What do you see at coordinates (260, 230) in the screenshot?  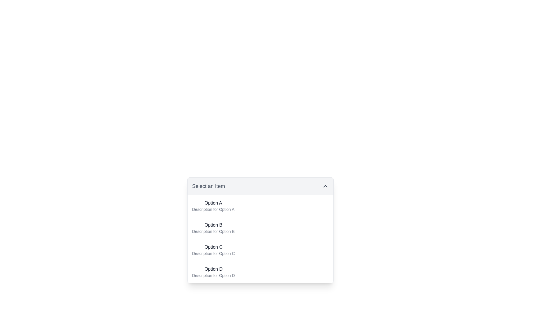 I see `the dropdown option labeled 'Option B' with the subtext 'Description for Option B'` at bounding box center [260, 230].